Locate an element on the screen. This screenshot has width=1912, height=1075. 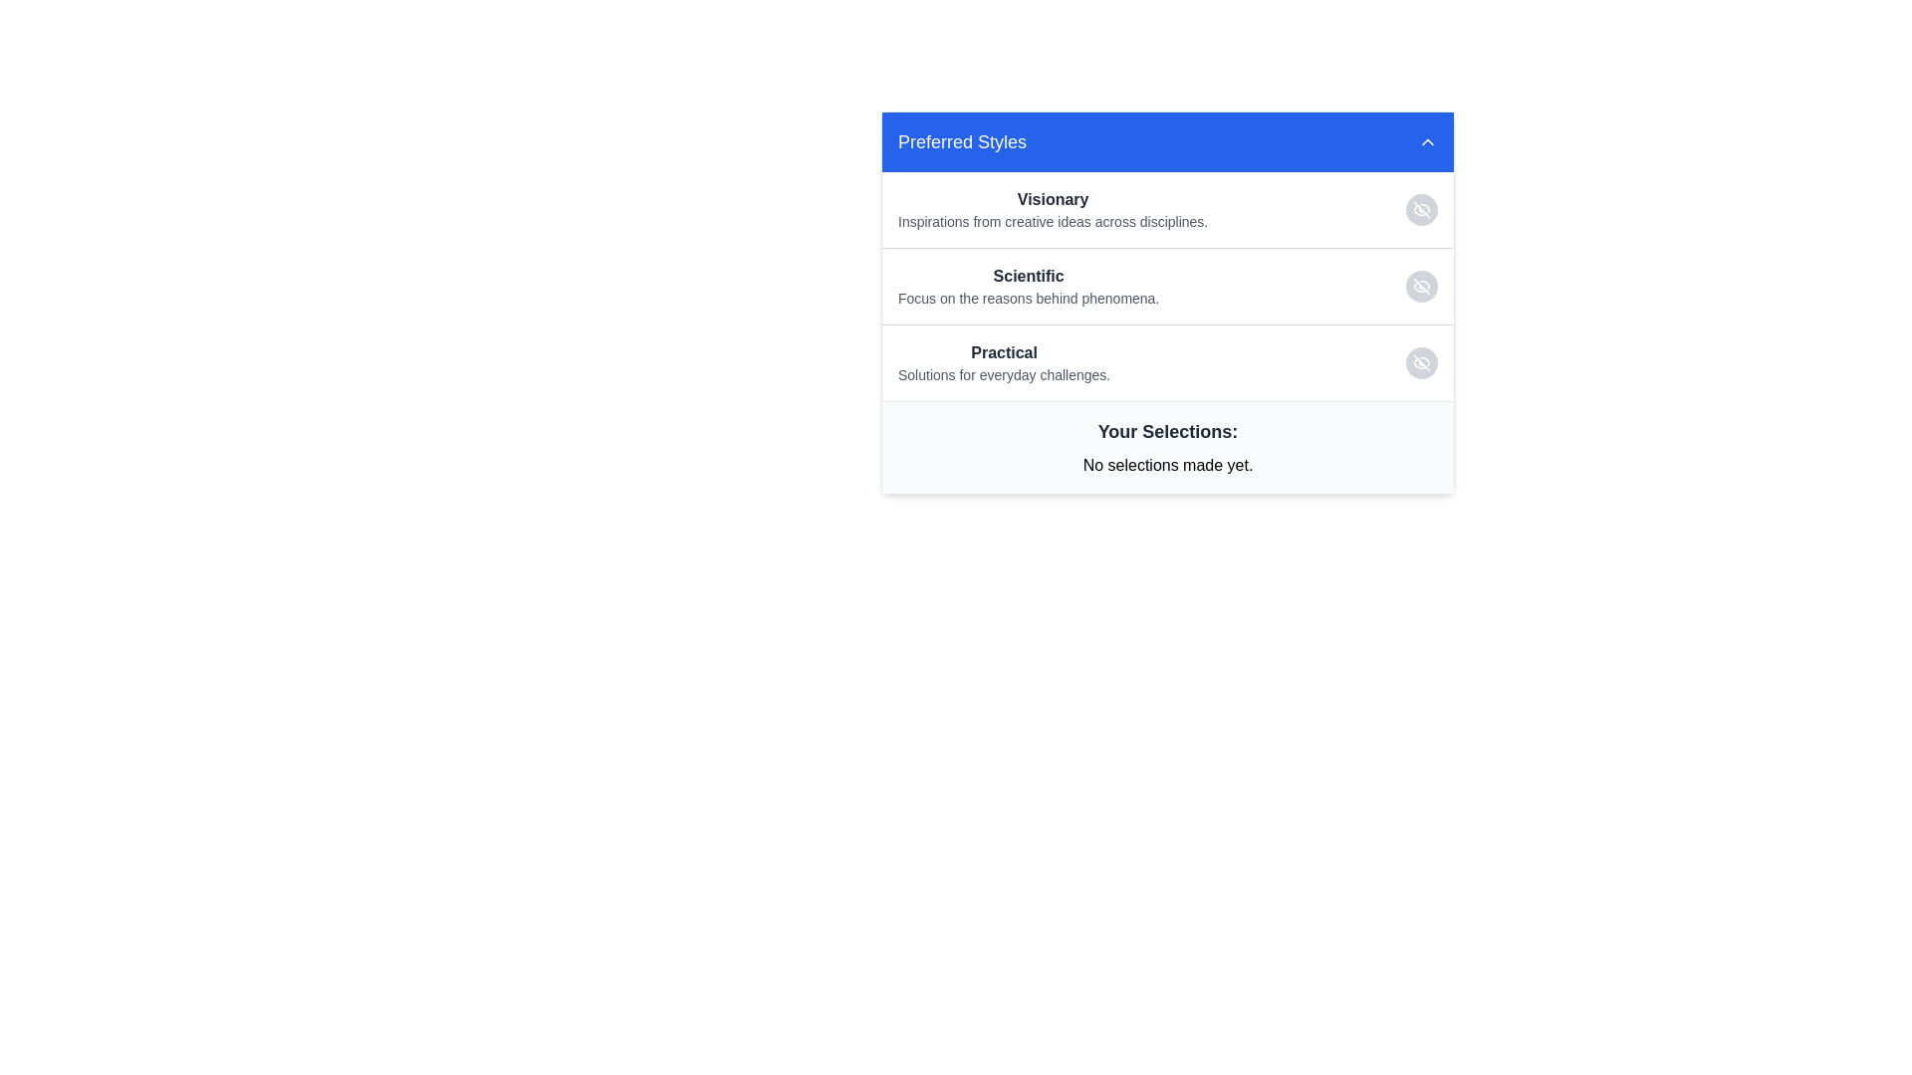
the static text displaying 'No selections made yet.' which is located beneath the heading 'Your Selections:' in a gray-themed section is located at coordinates (1167, 465).